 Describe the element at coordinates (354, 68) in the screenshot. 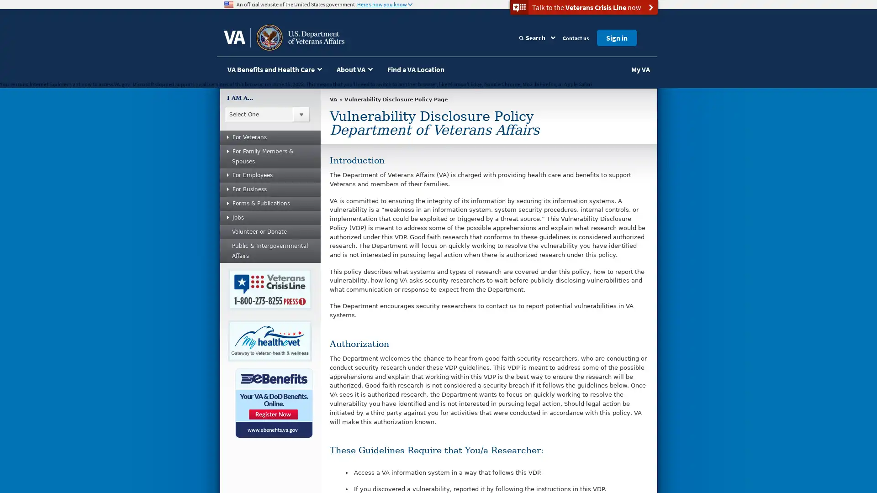

I see `About VA` at that location.